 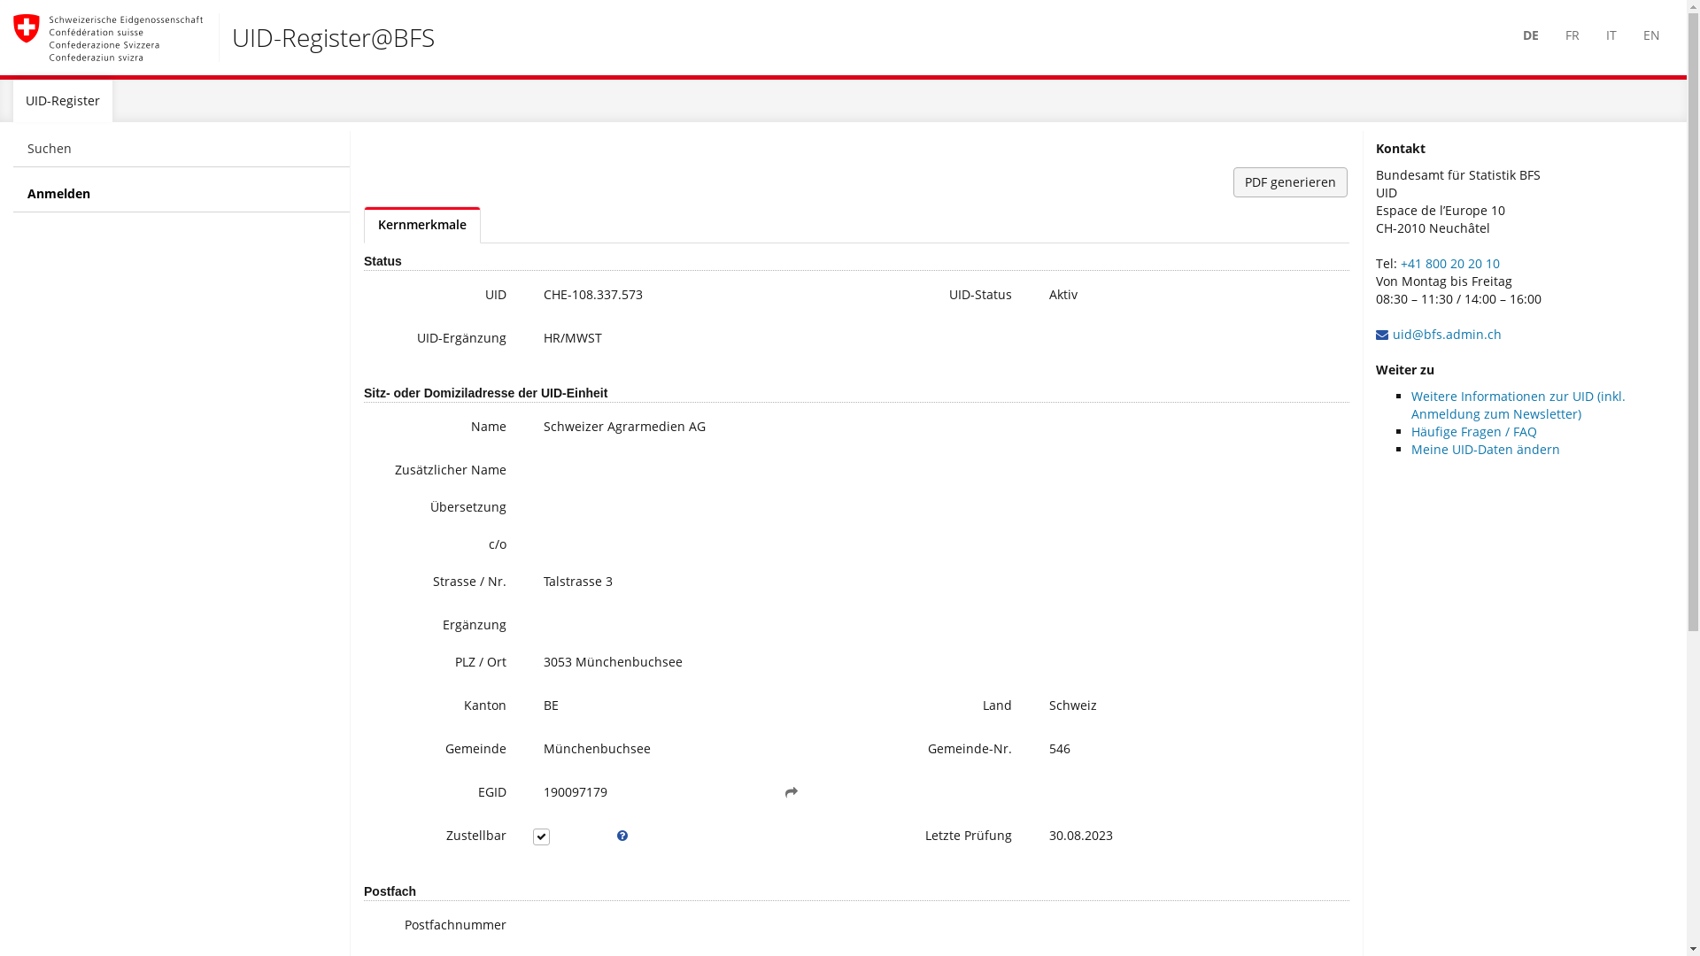 I want to click on '+41 800 20 20 10', so click(x=1449, y=263).